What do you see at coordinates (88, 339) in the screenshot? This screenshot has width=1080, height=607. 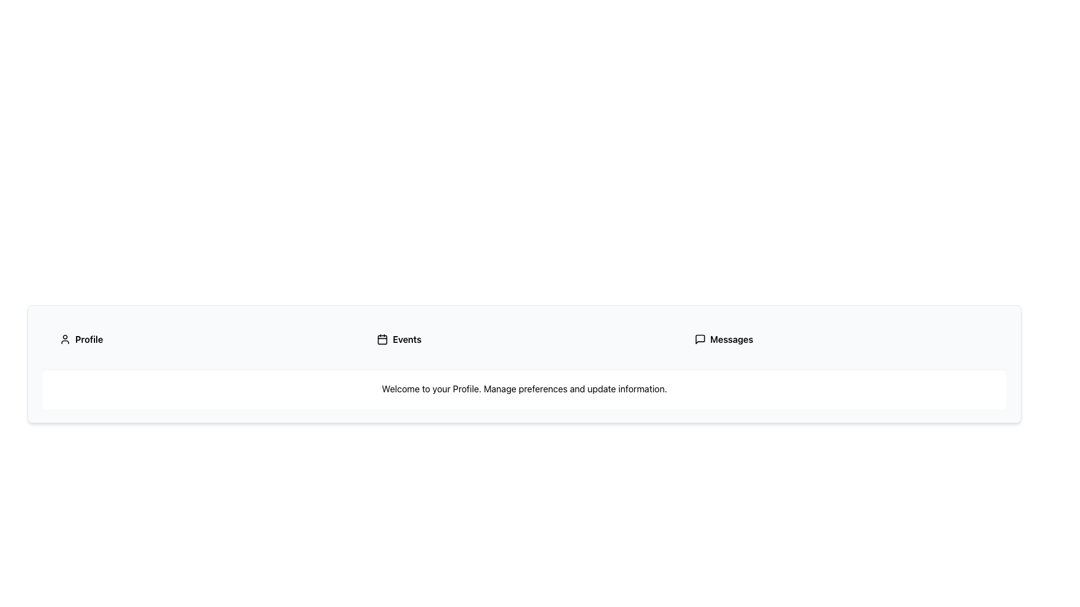 I see `the 'Profile' text label` at bounding box center [88, 339].